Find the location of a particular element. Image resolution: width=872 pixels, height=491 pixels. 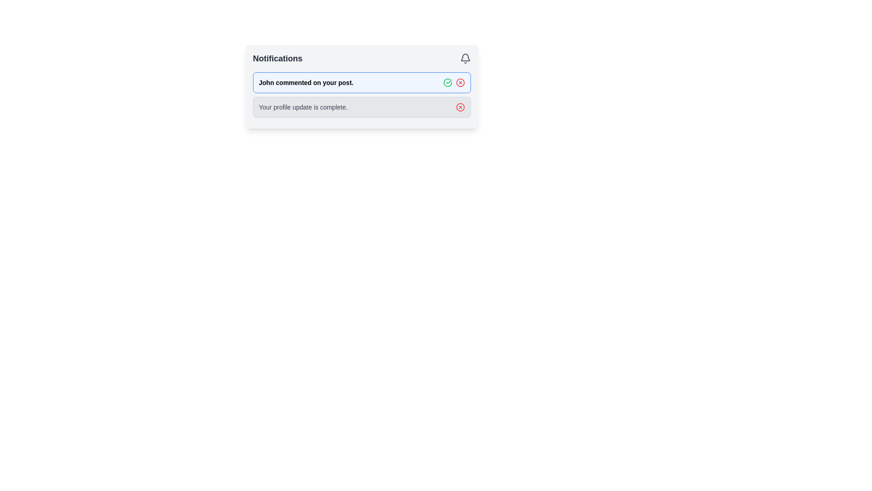

the circular green icon with a checkmark inside, located adjacent to the text 'John commented on your post.' in the notification pane for keyboard navigation support is located at coordinates (447, 82).